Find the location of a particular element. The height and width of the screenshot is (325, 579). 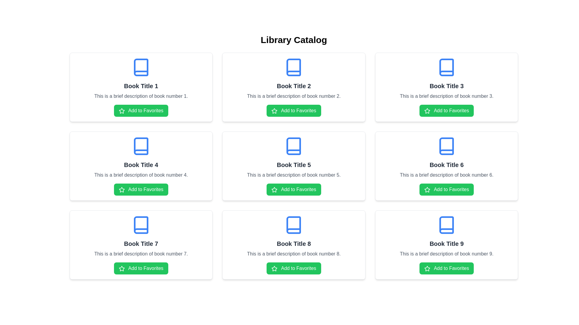

the blue outline icon of a book with rounded edges located at the top center of the card representing 'Book Title 7', positioned directly above the book title text is located at coordinates (141, 225).